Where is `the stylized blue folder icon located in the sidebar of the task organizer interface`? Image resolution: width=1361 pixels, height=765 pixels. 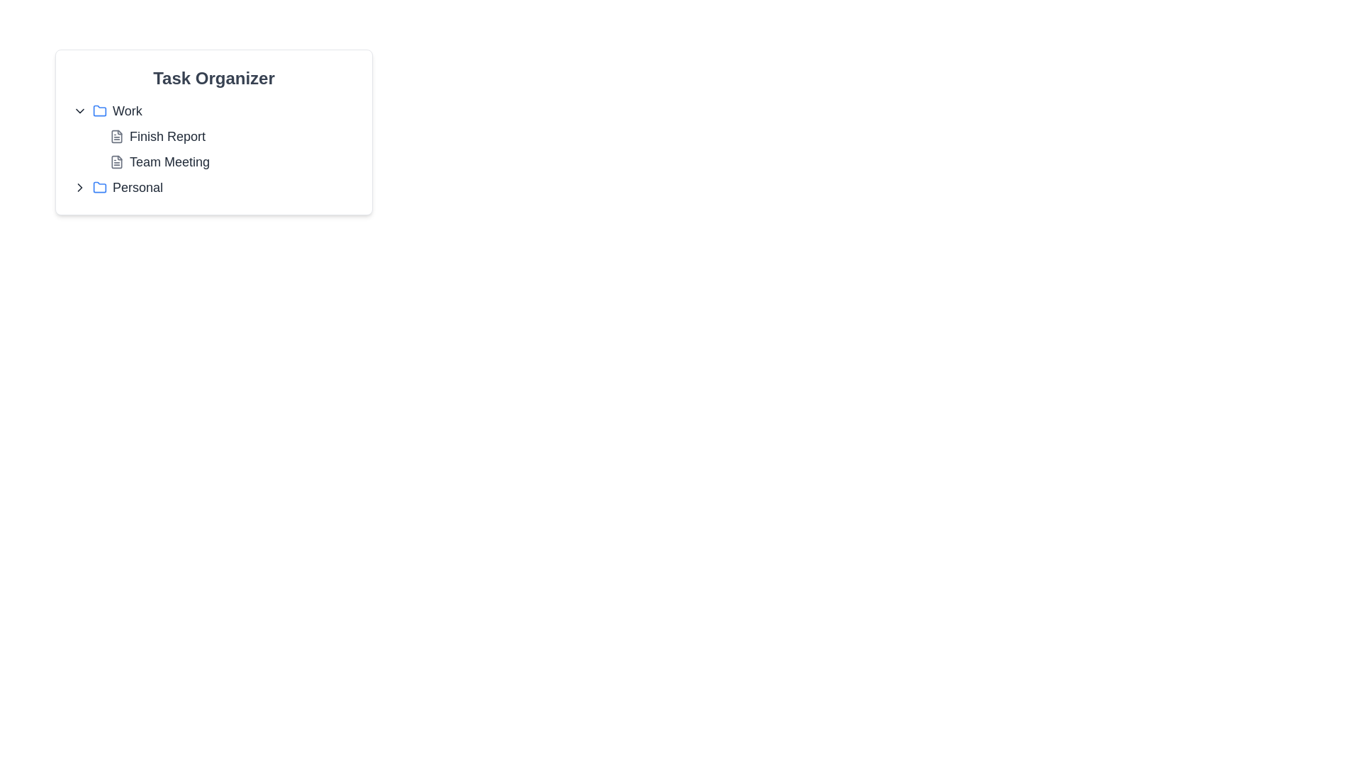 the stylized blue folder icon located in the sidebar of the task organizer interface is located at coordinates (99, 186).